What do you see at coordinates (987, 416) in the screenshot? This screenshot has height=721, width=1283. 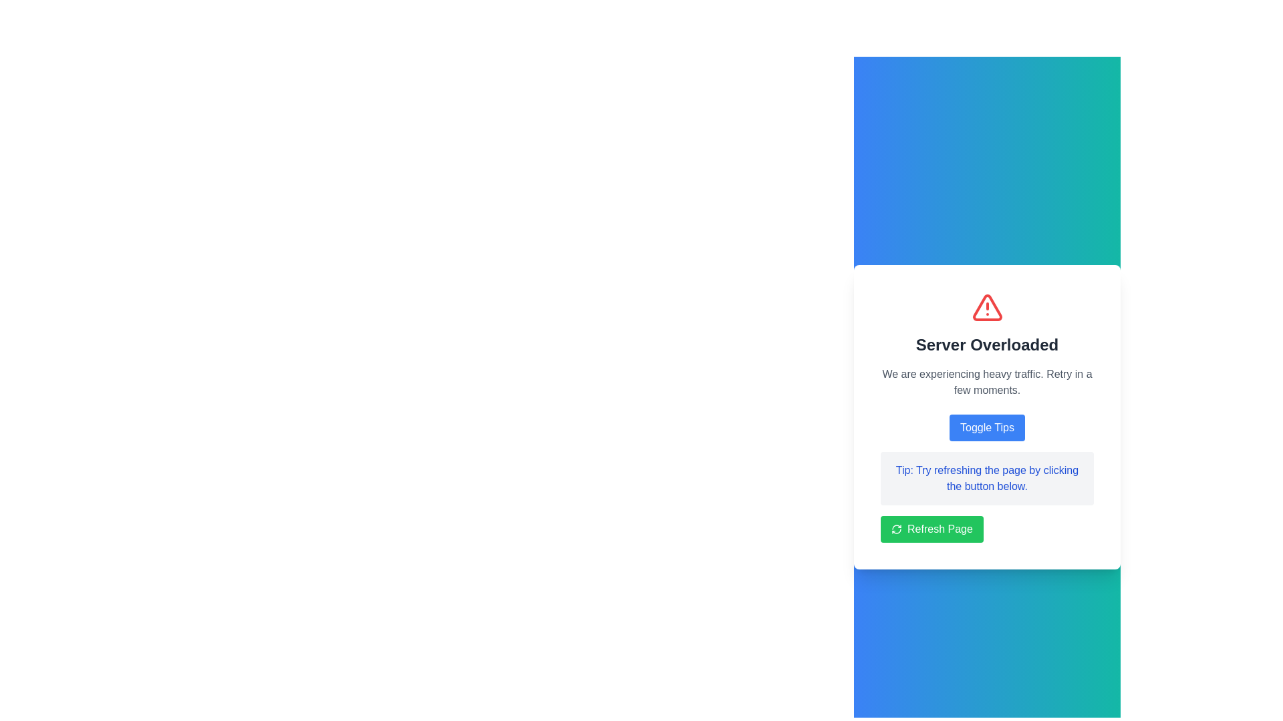 I see `the 'Toggle Tips' button on the Notification component` at bounding box center [987, 416].